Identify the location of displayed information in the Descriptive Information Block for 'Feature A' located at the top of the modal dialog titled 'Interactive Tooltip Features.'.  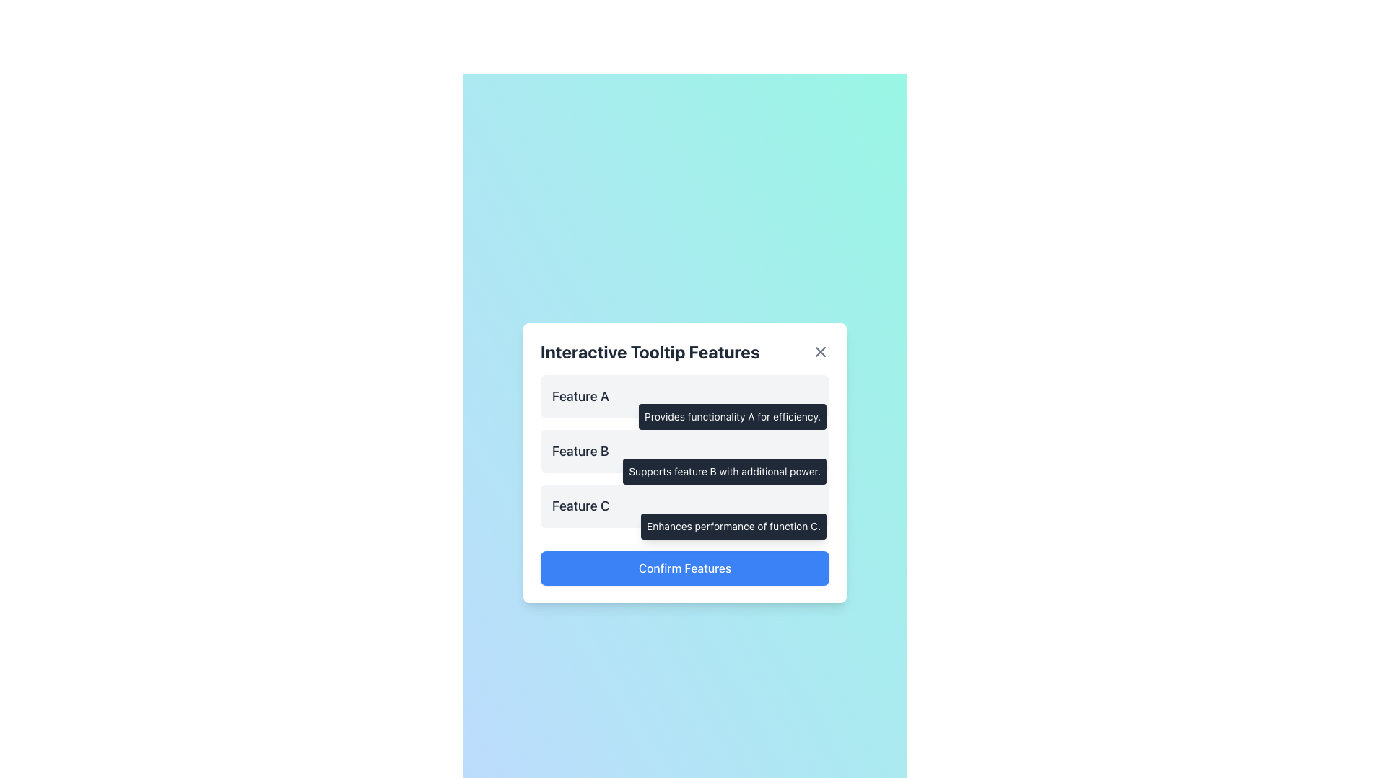
(684, 397).